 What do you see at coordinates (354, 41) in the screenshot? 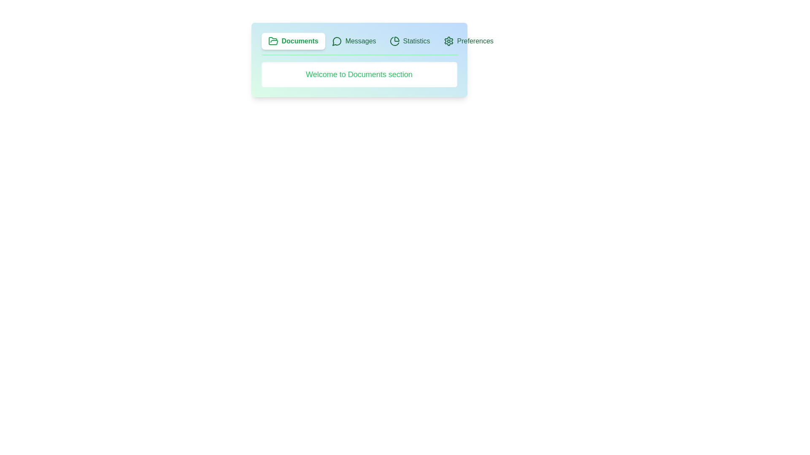
I see `the tab labeled Messages to see its visual feedback` at bounding box center [354, 41].